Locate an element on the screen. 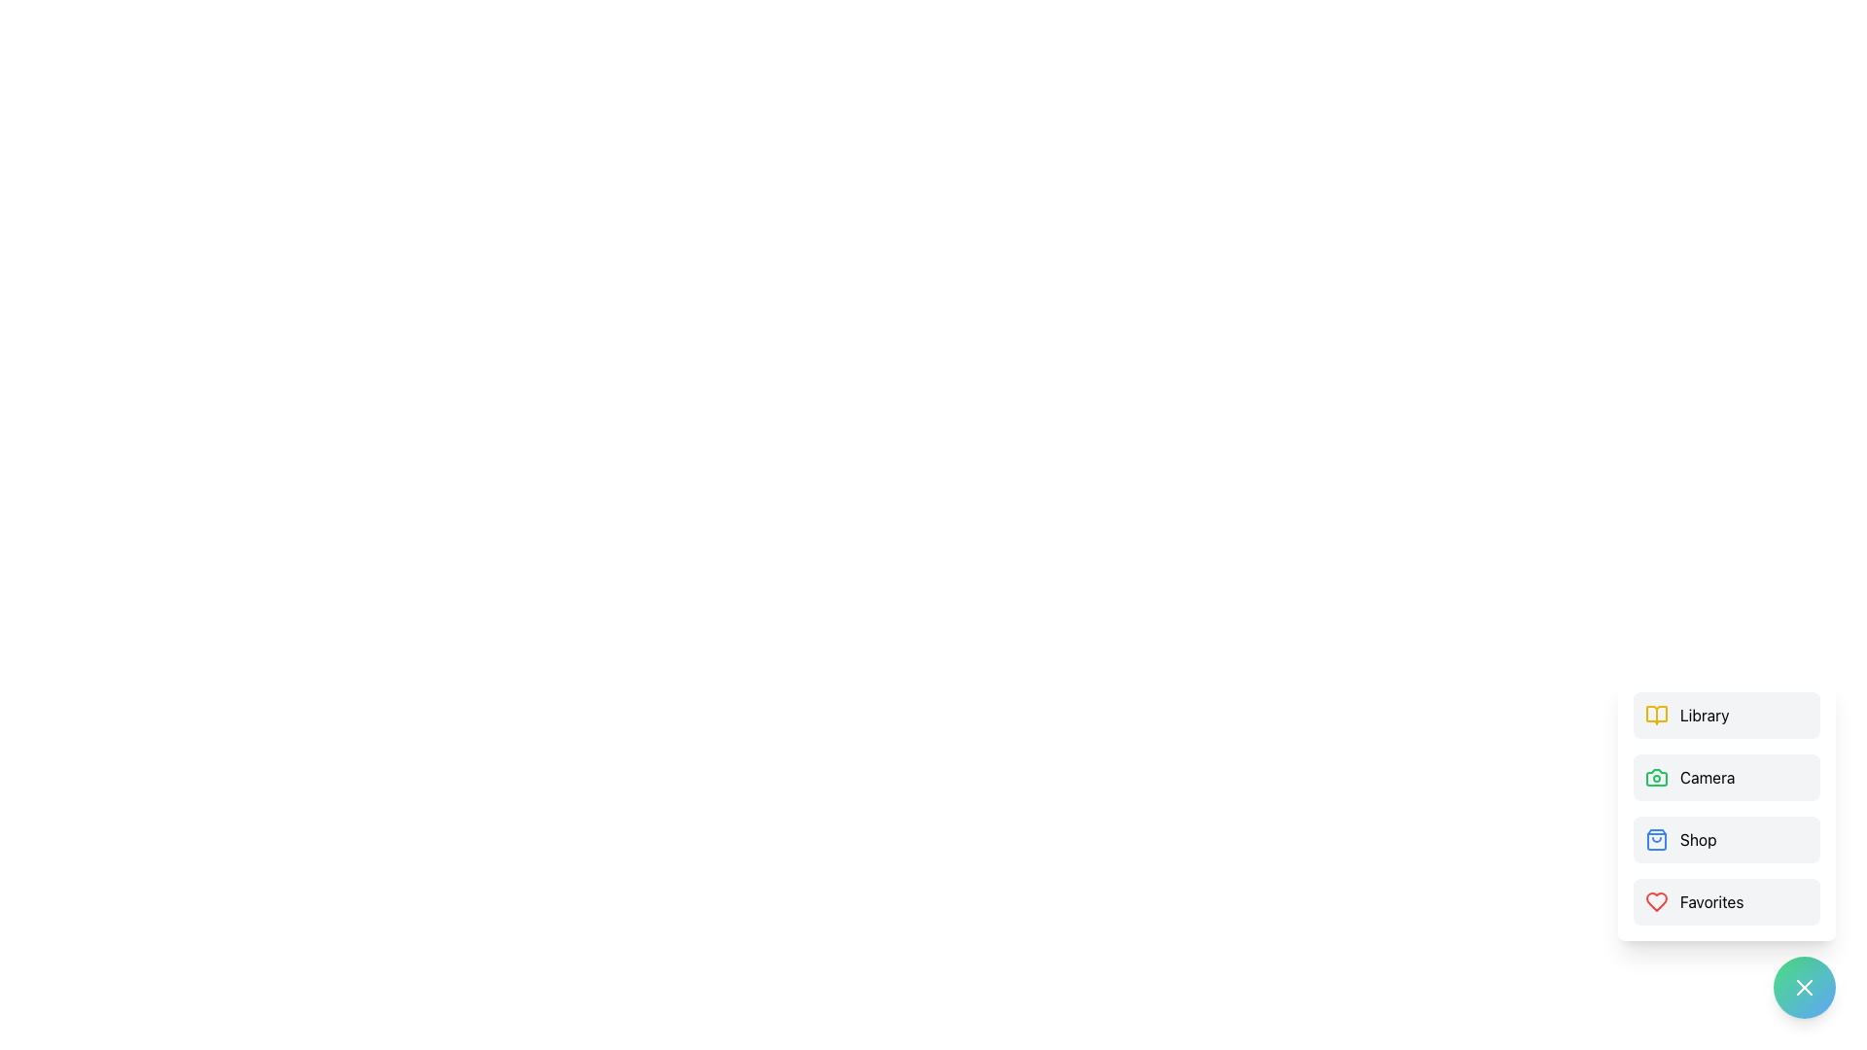  the 'Shop' button icon located at the top left of the 'Shop' button in the right-side menu is located at coordinates (1656, 839).